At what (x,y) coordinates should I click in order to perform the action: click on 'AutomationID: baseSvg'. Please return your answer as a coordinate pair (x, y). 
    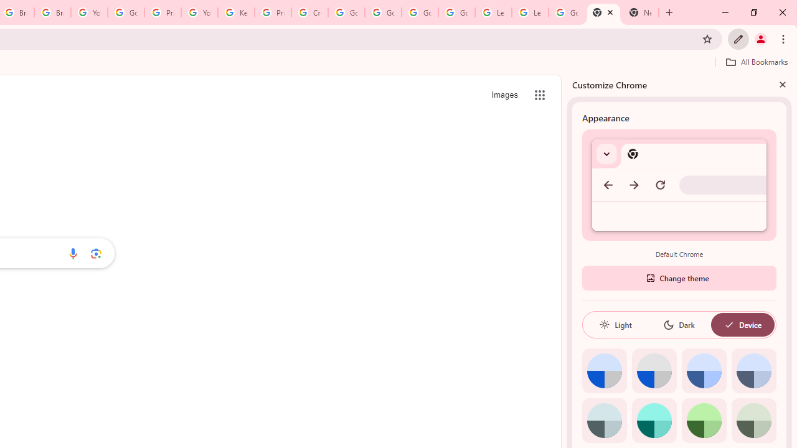
    Looking at the image, I should click on (729, 324).